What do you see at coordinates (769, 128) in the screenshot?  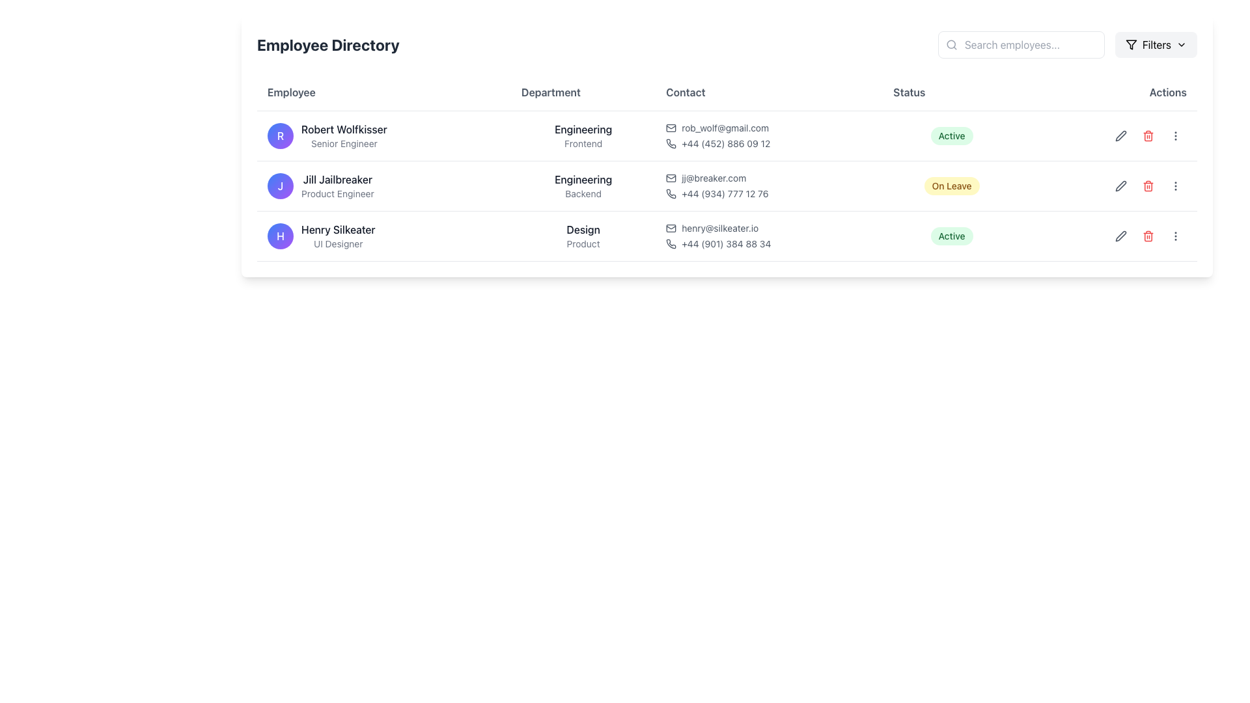 I see `the email address of 'Robert Wolfkisser' displayed in the Contact column of the table` at bounding box center [769, 128].